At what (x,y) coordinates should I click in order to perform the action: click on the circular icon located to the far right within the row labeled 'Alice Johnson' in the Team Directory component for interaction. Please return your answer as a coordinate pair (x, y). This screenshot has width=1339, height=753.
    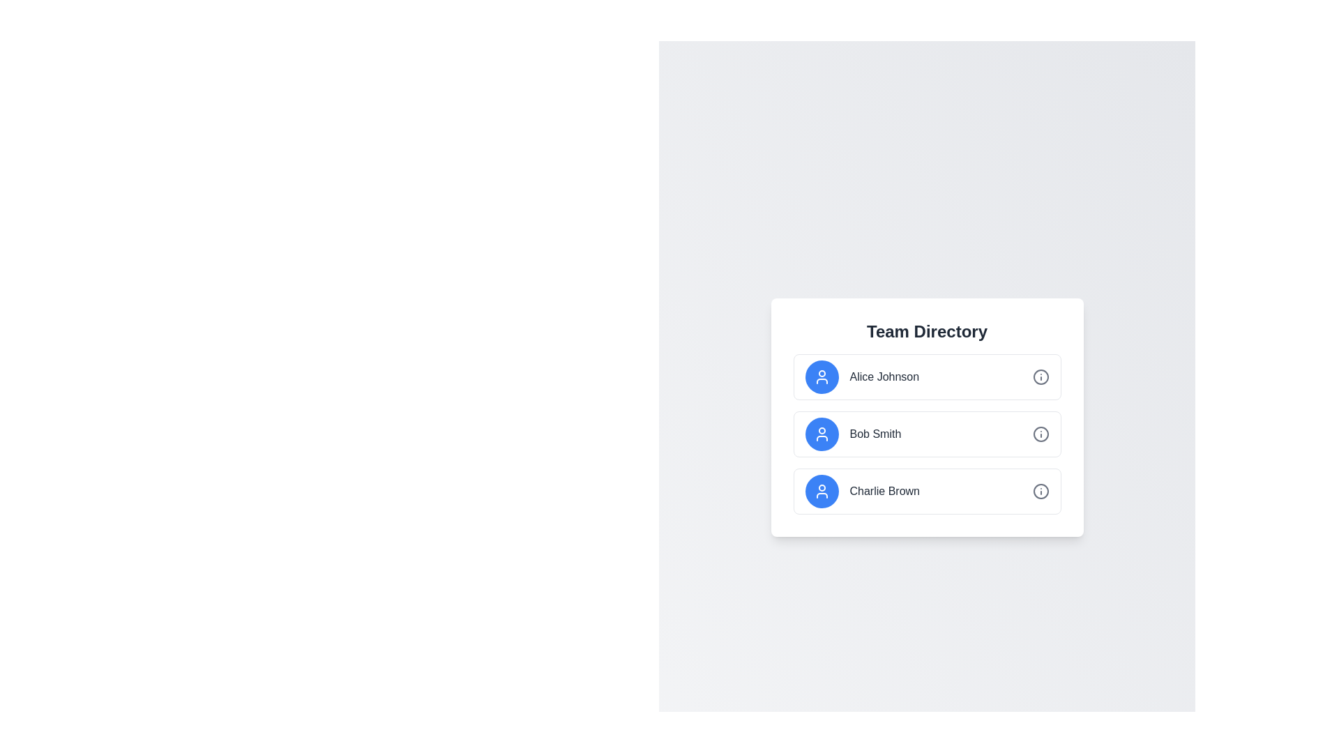
    Looking at the image, I should click on (1041, 376).